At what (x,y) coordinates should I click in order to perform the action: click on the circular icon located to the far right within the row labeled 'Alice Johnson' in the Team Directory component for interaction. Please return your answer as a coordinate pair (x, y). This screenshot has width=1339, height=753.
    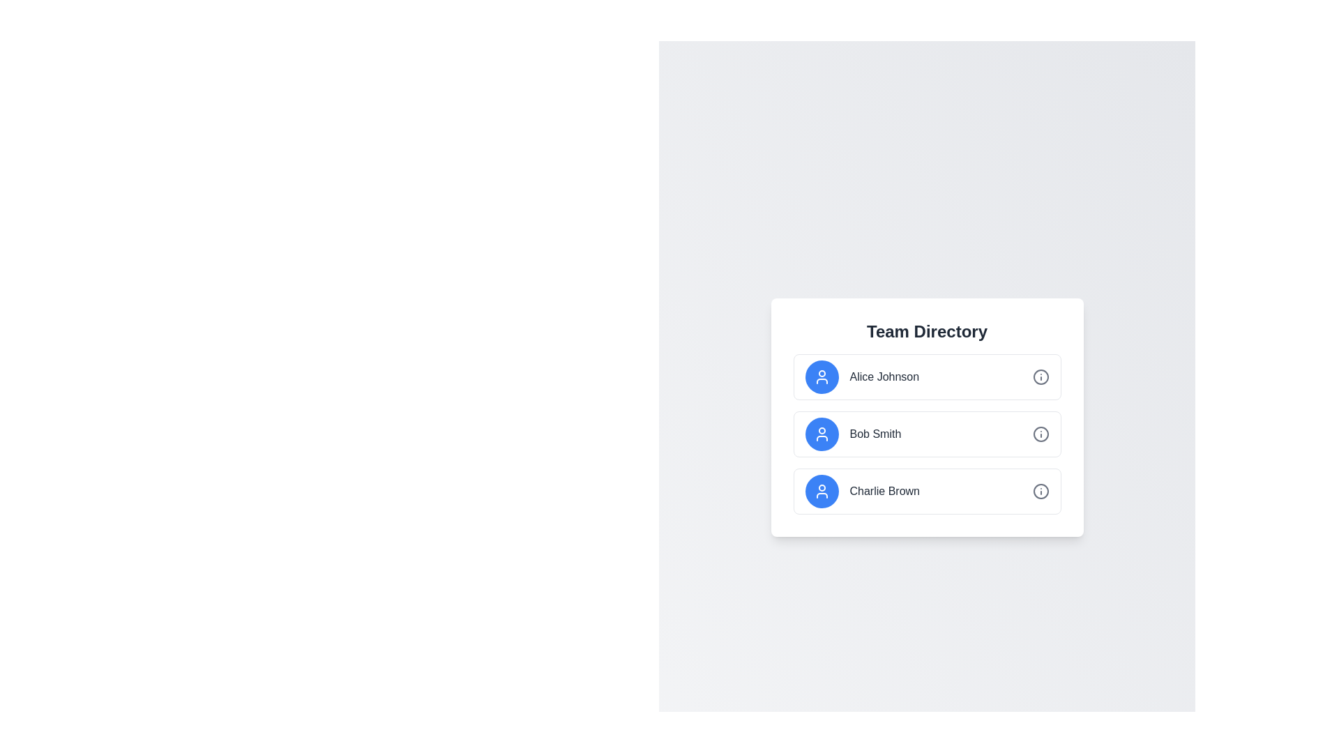
    Looking at the image, I should click on (1041, 376).